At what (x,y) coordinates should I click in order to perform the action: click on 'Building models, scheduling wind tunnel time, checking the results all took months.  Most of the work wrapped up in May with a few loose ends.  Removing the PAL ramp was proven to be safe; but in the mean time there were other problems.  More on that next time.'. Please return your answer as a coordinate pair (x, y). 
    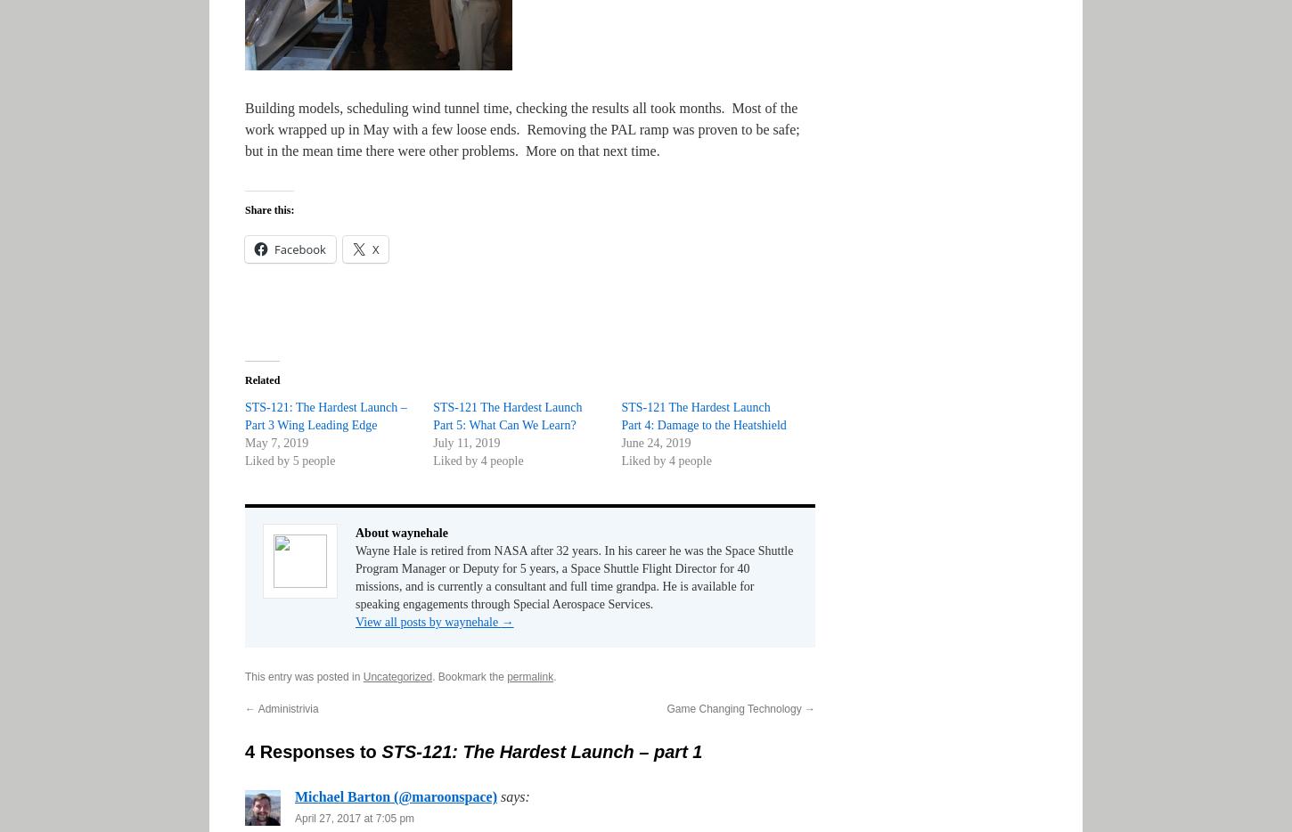
    Looking at the image, I should click on (521, 129).